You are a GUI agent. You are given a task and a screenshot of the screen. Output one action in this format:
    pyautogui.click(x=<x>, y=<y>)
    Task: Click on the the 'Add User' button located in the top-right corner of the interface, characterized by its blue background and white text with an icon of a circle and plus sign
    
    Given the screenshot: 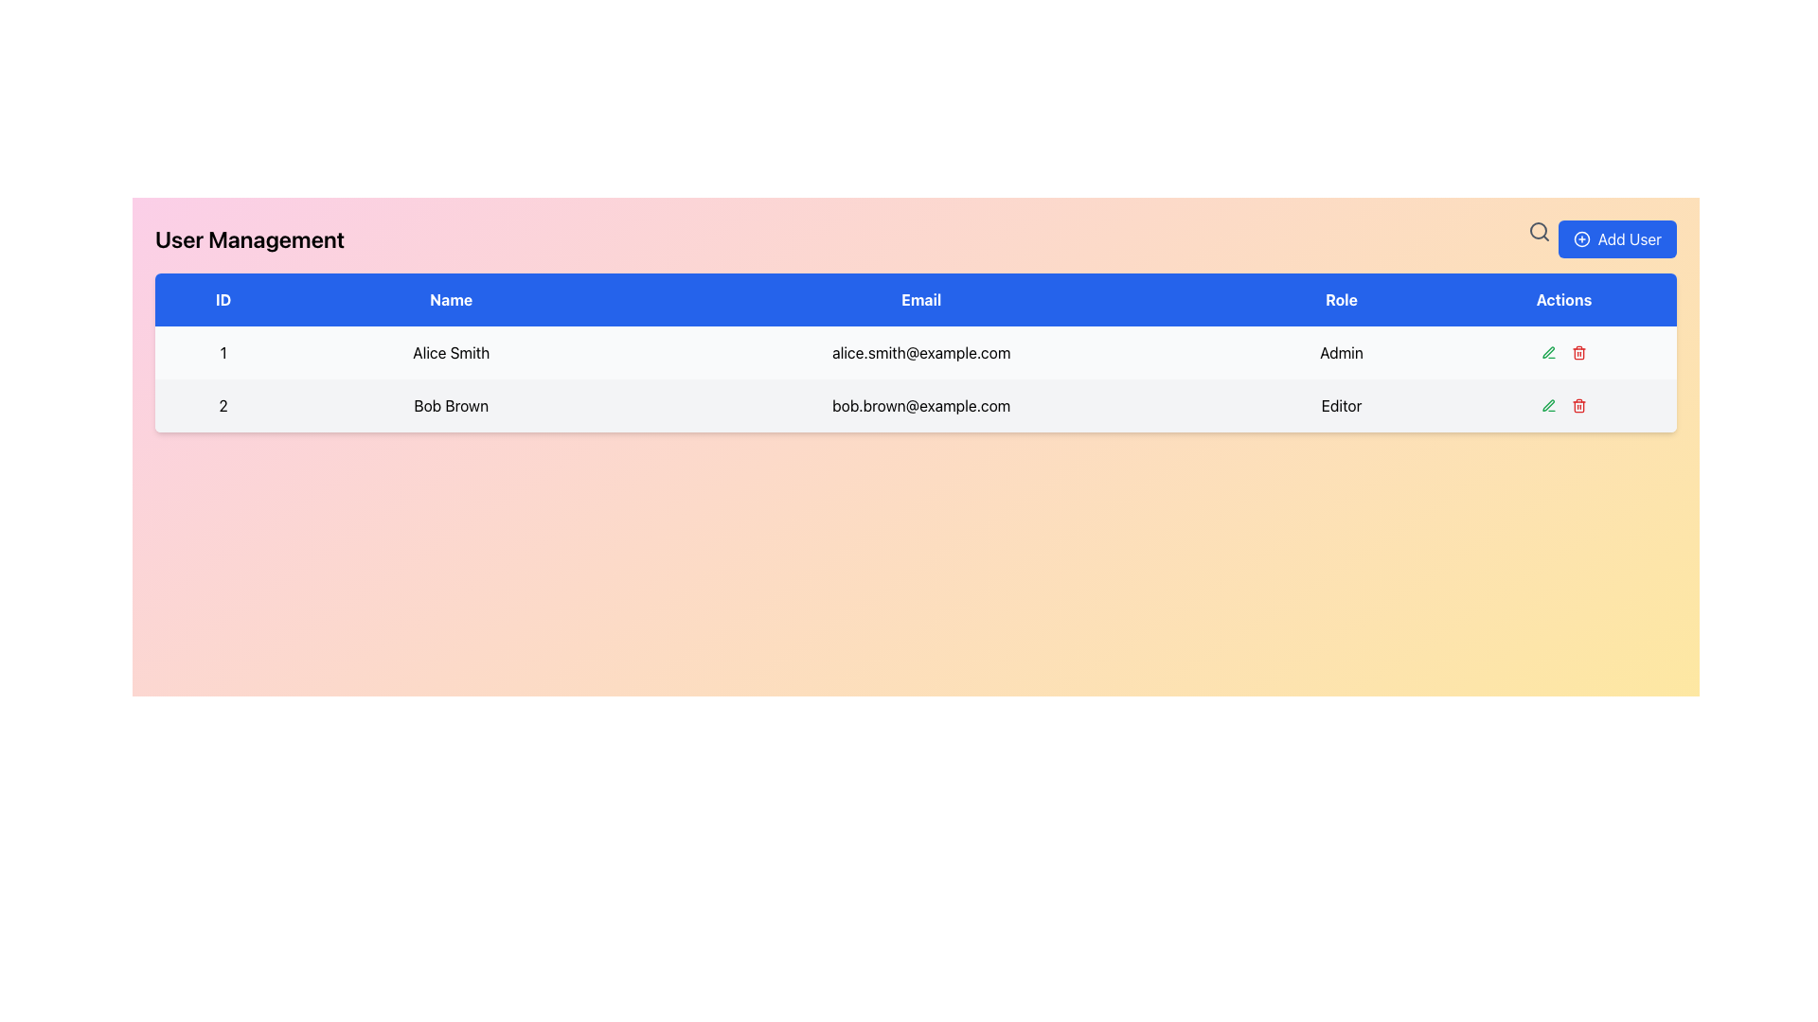 What is the action you would take?
    pyautogui.click(x=1616, y=238)
    